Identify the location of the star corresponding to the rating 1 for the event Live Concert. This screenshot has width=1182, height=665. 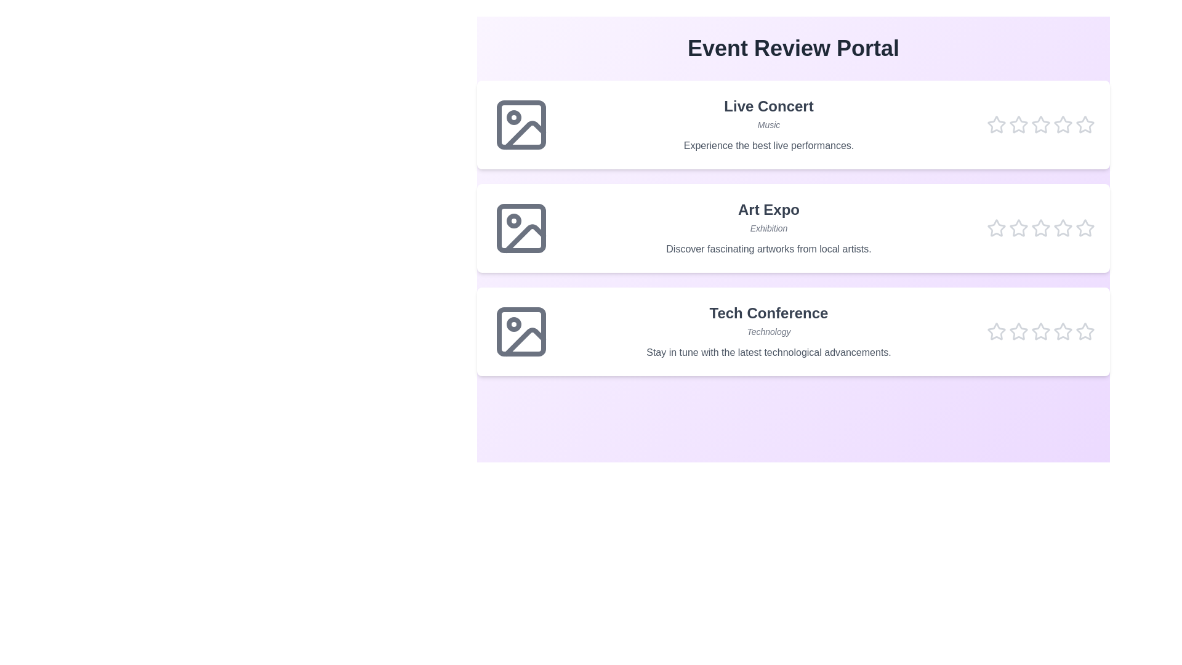
(996, 125).